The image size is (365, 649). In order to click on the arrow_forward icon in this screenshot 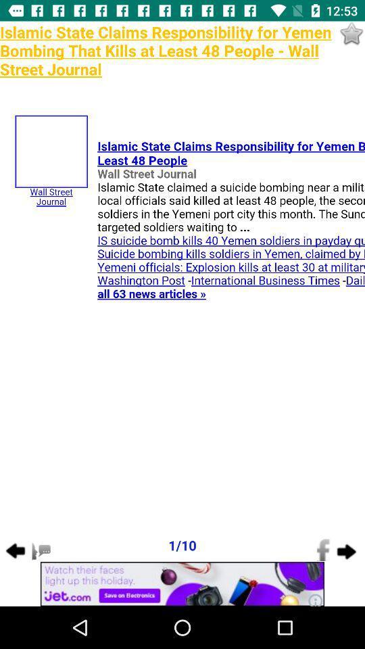, I will do `click(346, 551)`.